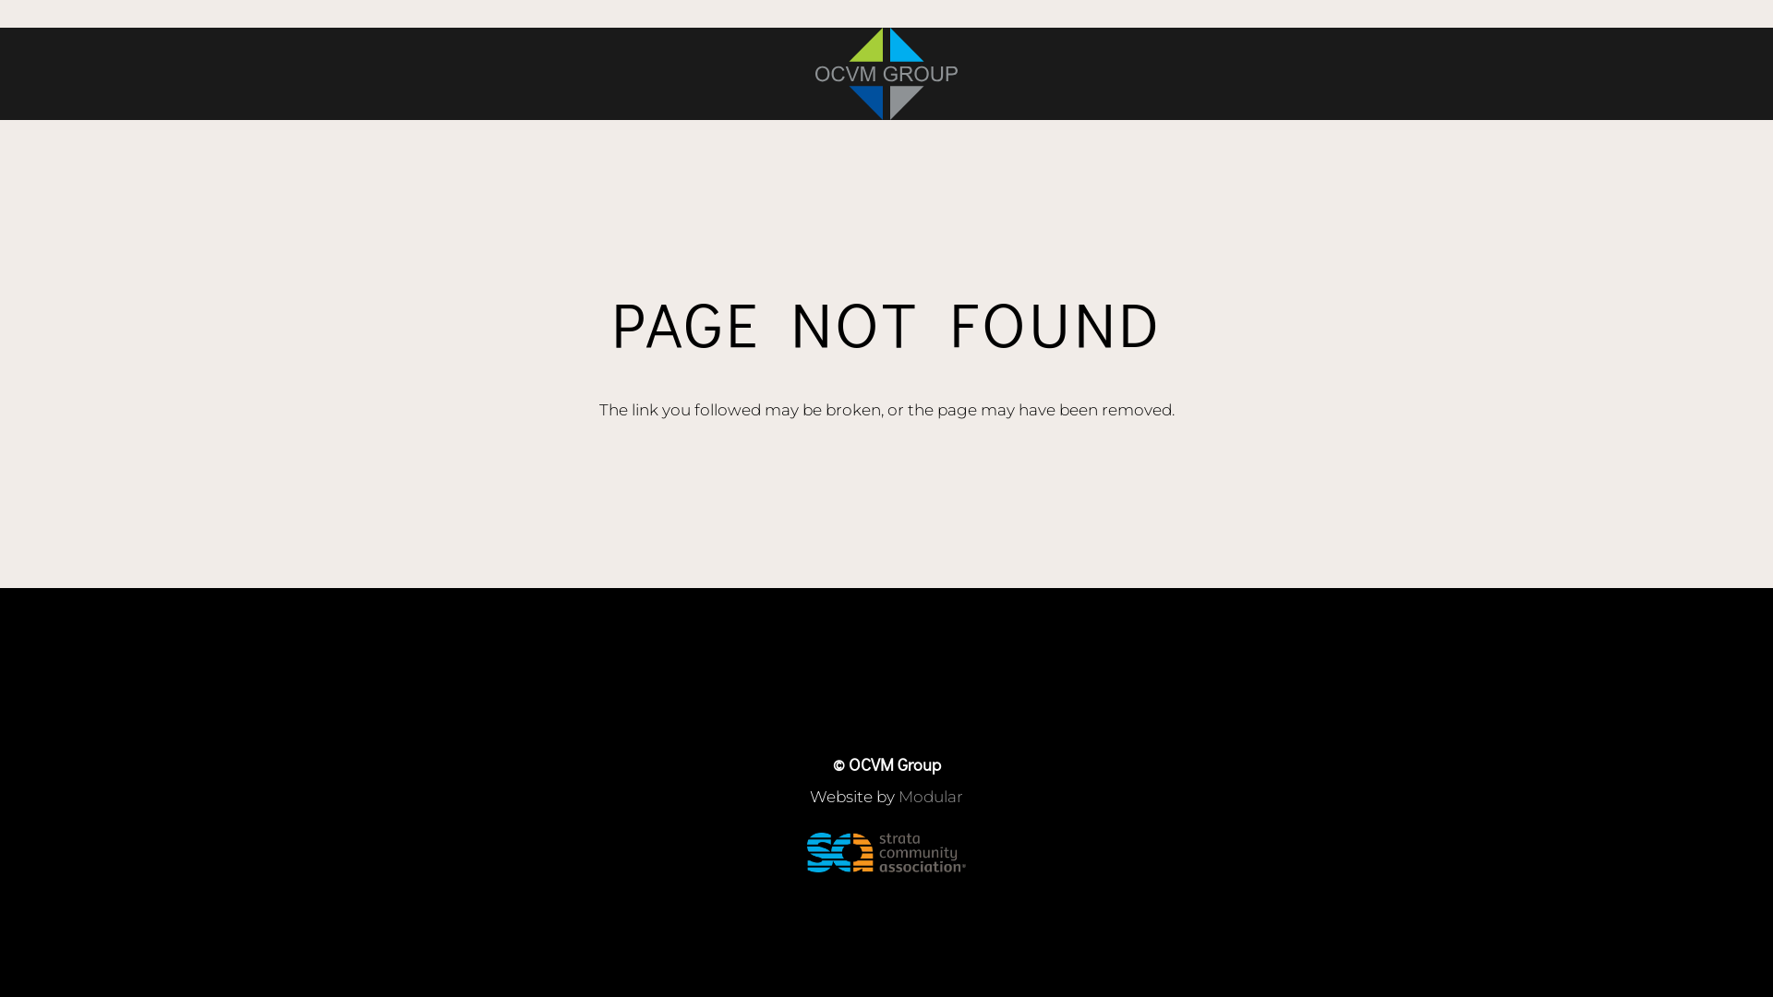 The image size is (1773, 997). What do you see at coordinates (931, 796) in the screenshot?
I see `'Modular'` at bounding box center [931, 796].